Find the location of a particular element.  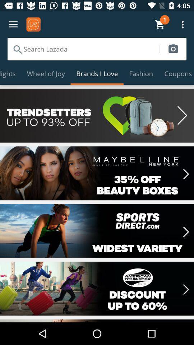

explore maybelline new york products is located at coordinates (97, 173).